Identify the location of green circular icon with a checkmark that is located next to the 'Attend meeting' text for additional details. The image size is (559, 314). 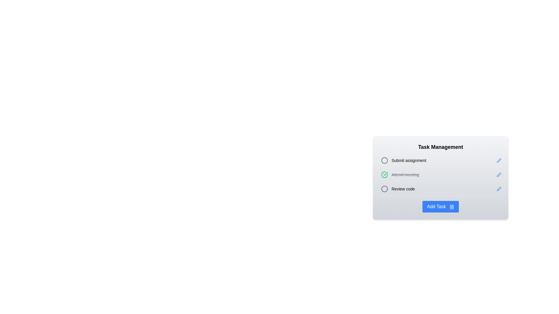
(384, 174).